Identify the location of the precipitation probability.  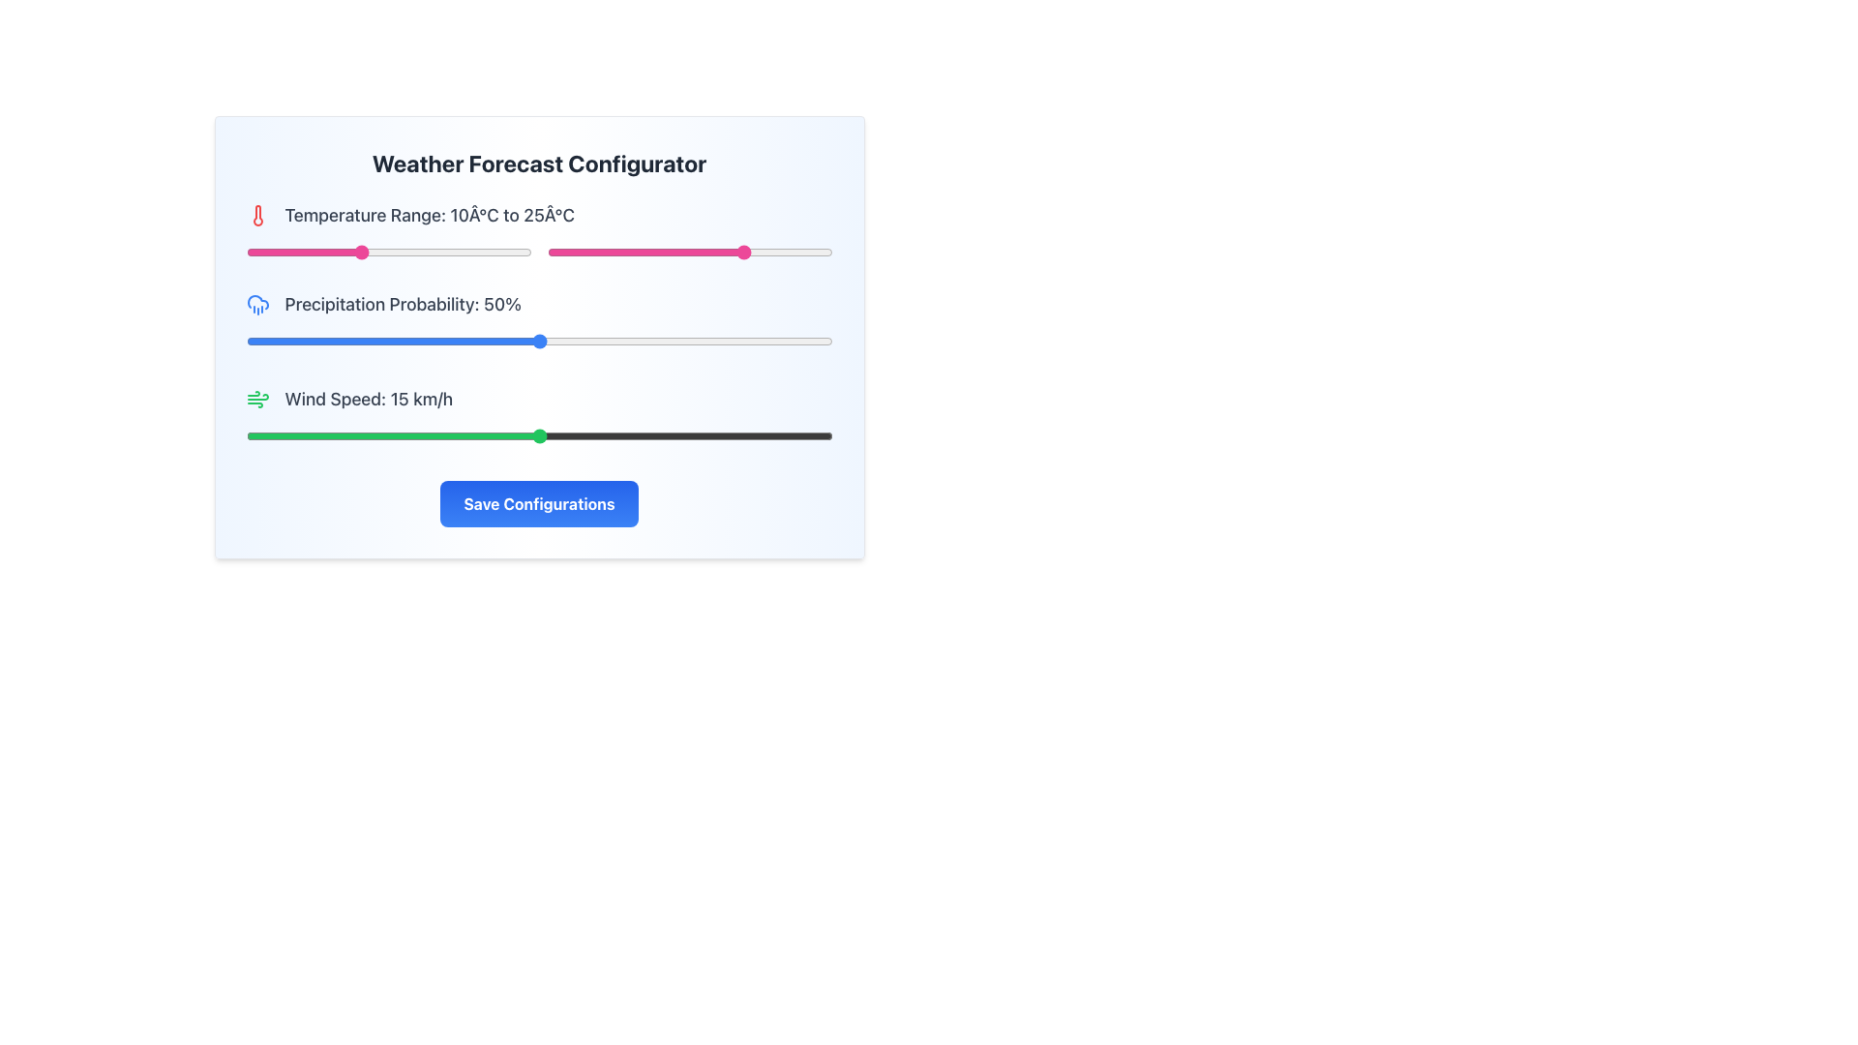
(720, 341).